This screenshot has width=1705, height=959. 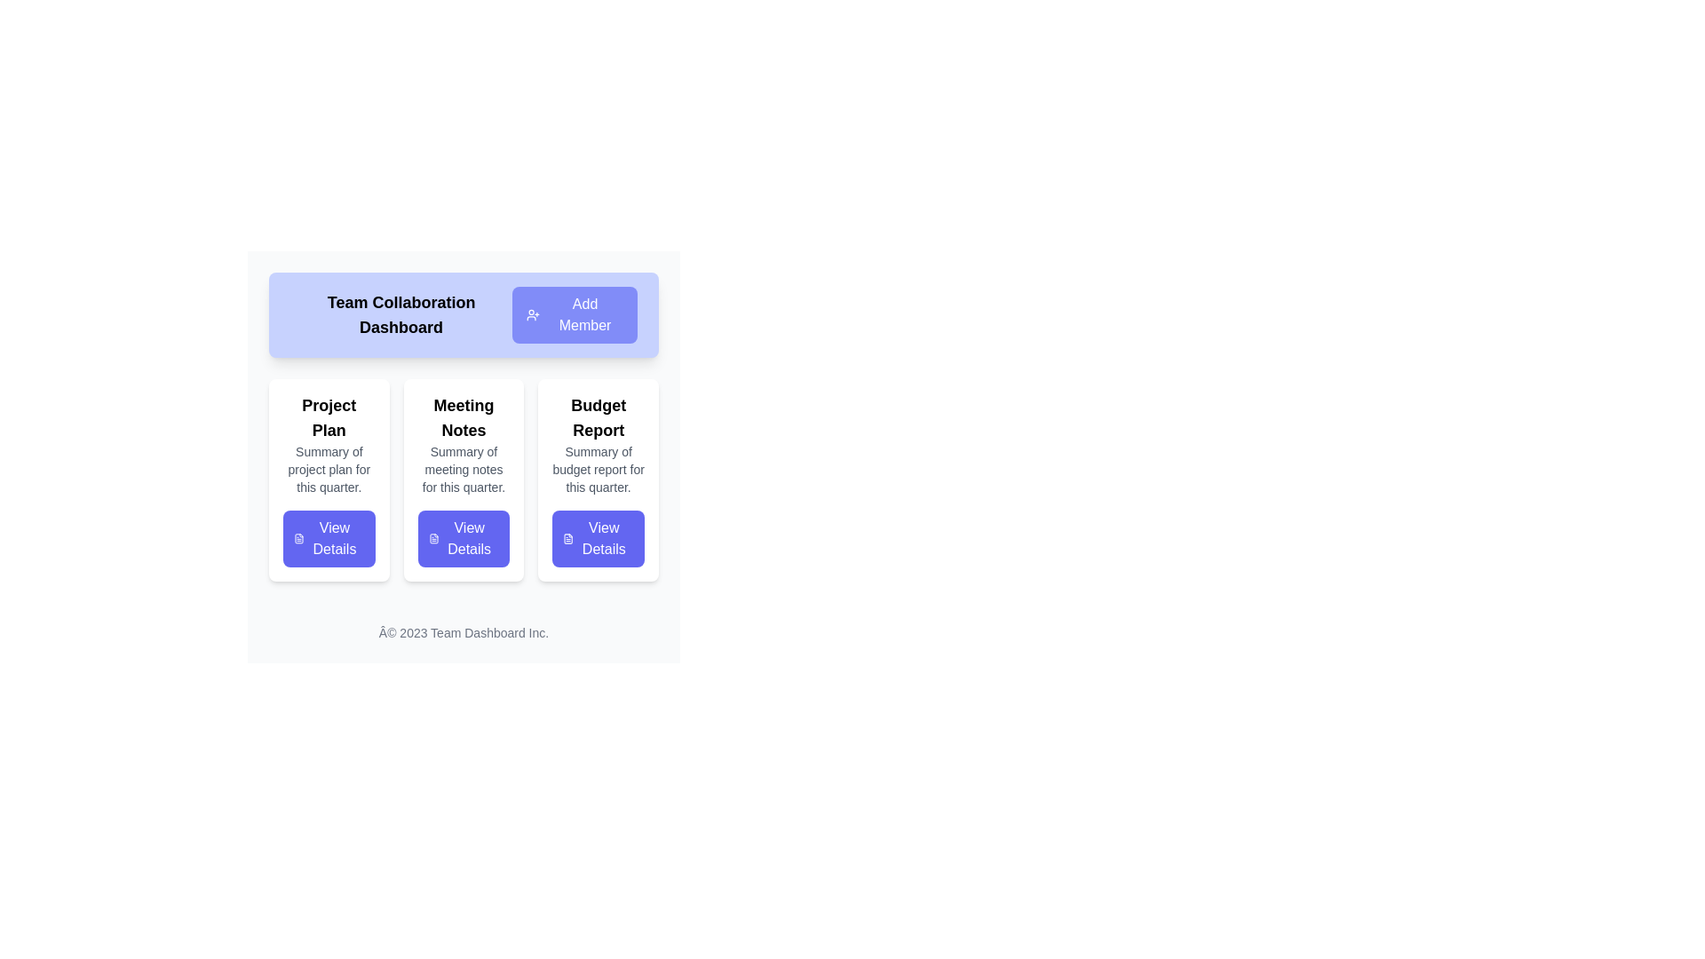 What do you see at coordinates (299, 537) in the screenshot?
I see `the small document icon located at the top-left corner of the 'View Details' button on the 'Project Plan' card` at bounding box center [299, 537].